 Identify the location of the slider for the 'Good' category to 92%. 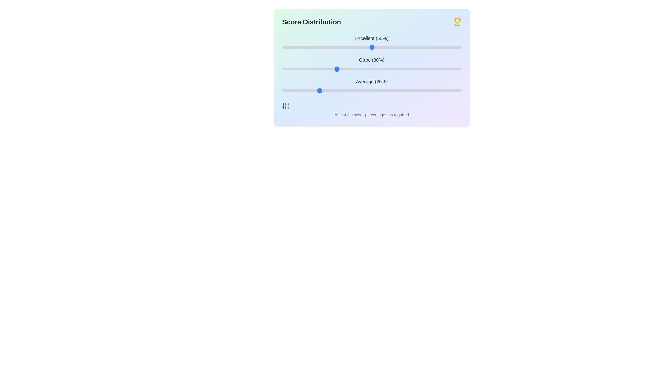
(447, 69).